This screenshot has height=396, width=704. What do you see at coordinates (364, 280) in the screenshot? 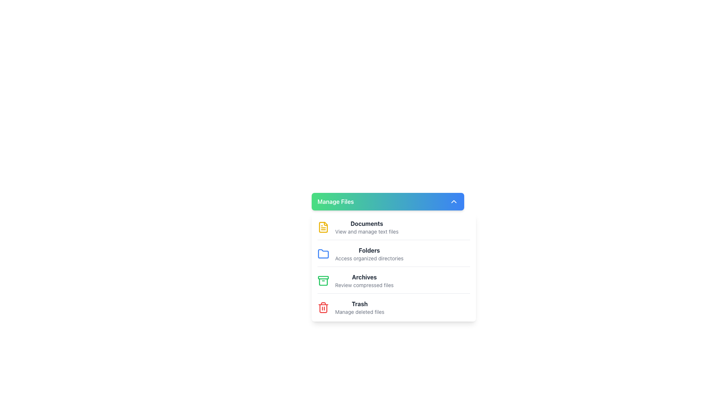
I see `the List item that represents a menu option for accessing and managing archived files, located between 'Folders' and 'Trash' in a vertical menu` at bounding box center [364, 280].